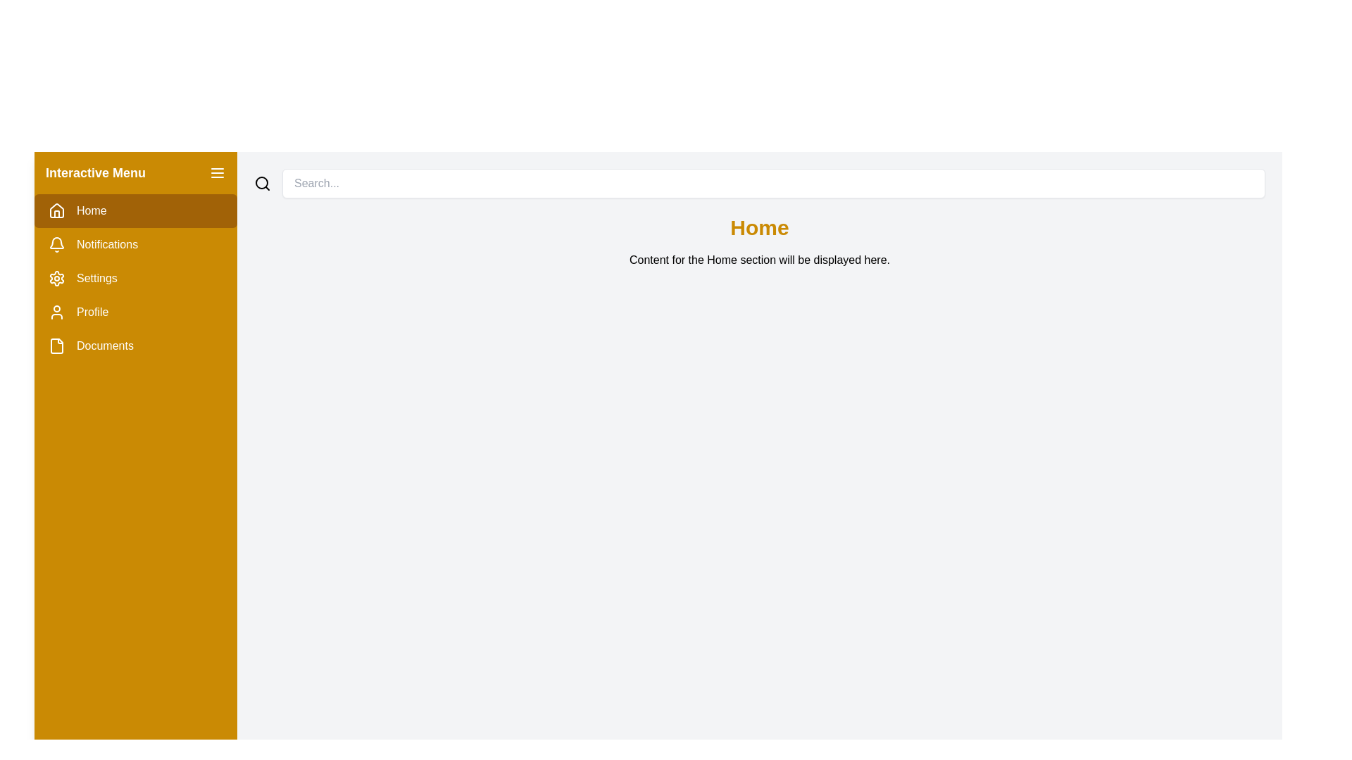 Image resolution: width=1352 pixels, height=760 pixels. I want to click on the 'Interactive Menu' header section in the left sidebar, so click(135, 172).